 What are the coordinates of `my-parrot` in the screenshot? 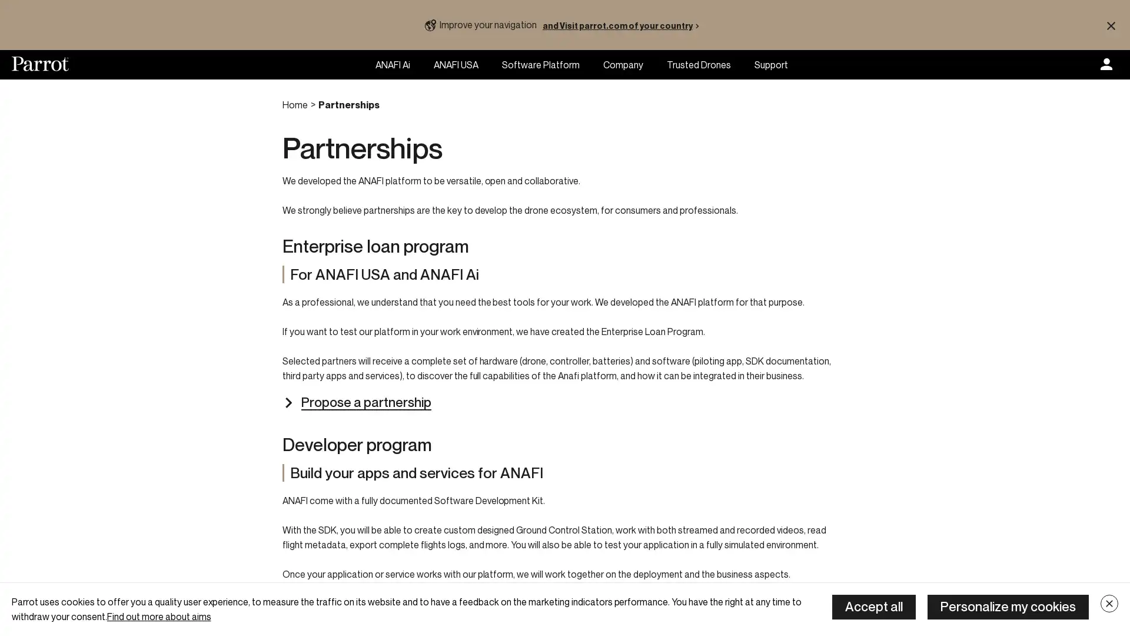 It's located at (1106, 65).